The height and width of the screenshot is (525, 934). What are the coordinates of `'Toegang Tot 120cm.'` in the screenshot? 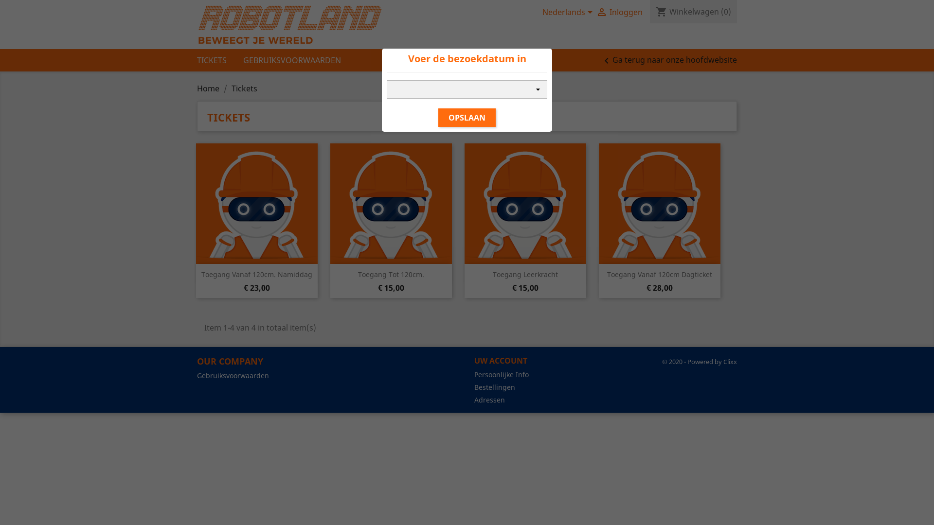 It's located at (357, 274).